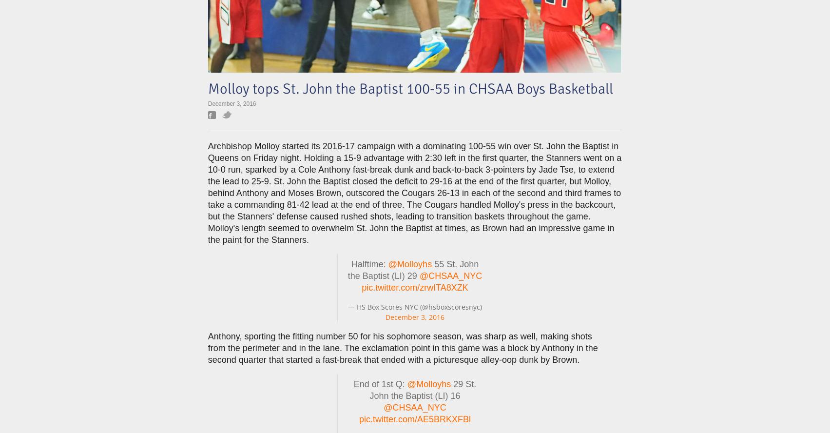 This screenshot has width=830, height=433. Describe the element at coordinates (369, 264) in the screenshot. I see `'Halftime:'` at that location.